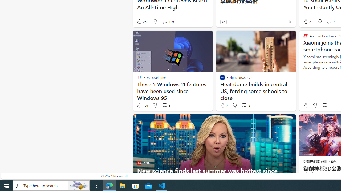  What do you see at coordinates (305, 105) in the screenshot?
I see `'Like'` at bounding box center [305, 105].